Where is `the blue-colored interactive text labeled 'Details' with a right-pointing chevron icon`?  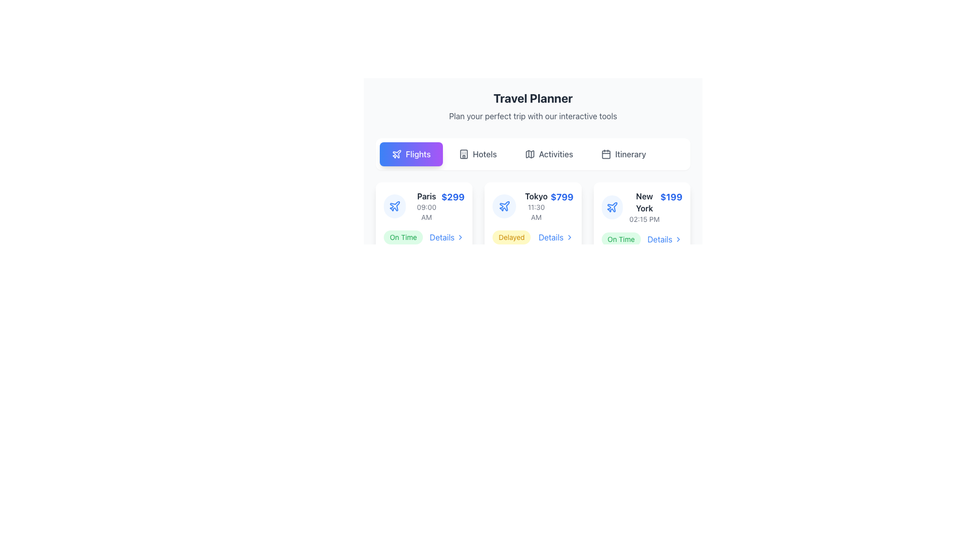
the blue-colored interactive text labeled 'Details' with a right-pointing chevron icon is located at coordinates (555, 237).